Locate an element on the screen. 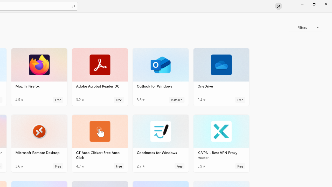  'Minimize Microsoft Store' is located at coordinates (302, 4).